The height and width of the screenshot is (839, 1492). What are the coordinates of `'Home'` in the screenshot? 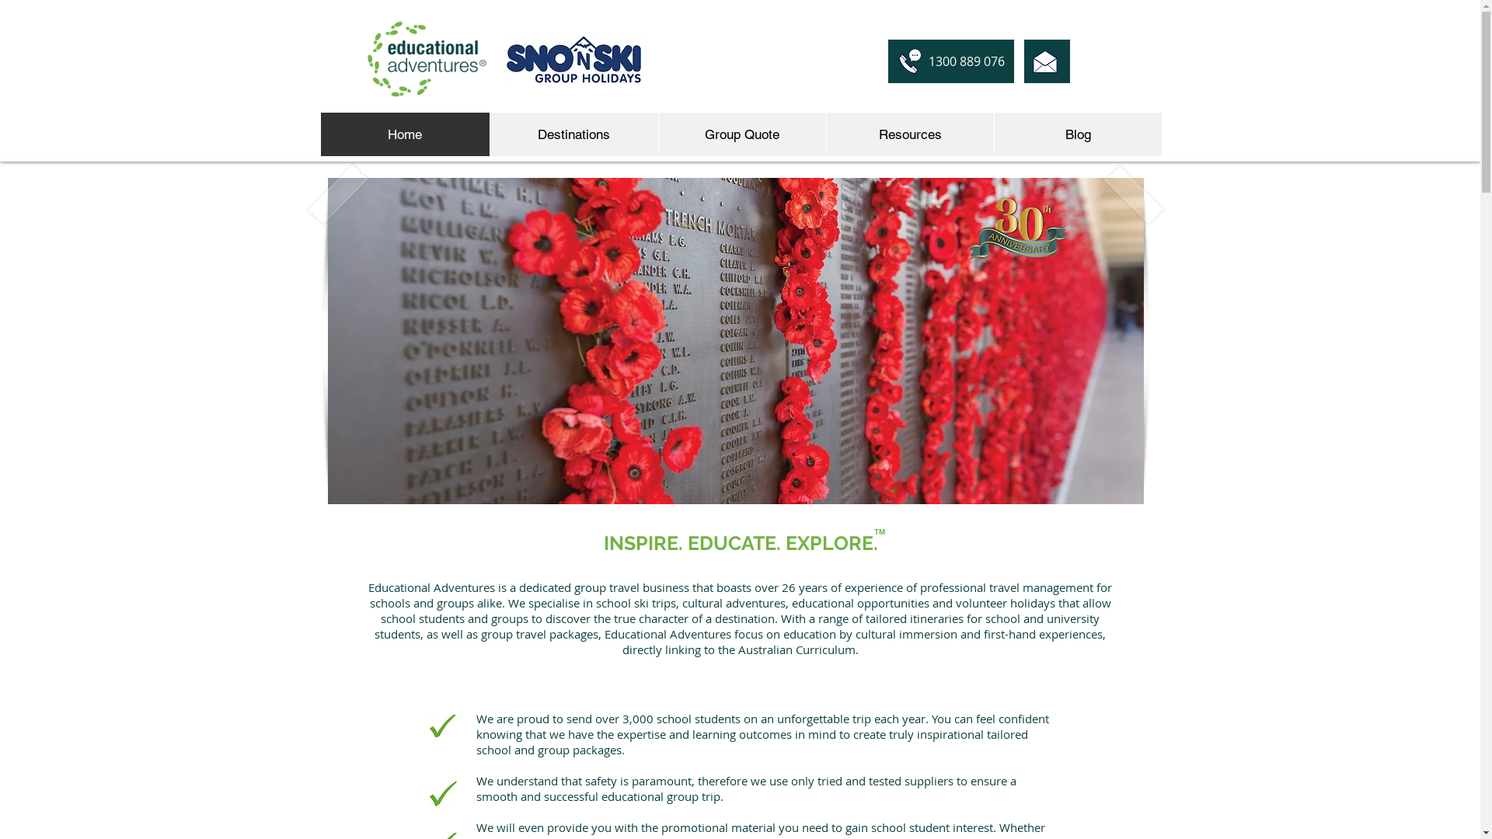 It's located at (319, 134).